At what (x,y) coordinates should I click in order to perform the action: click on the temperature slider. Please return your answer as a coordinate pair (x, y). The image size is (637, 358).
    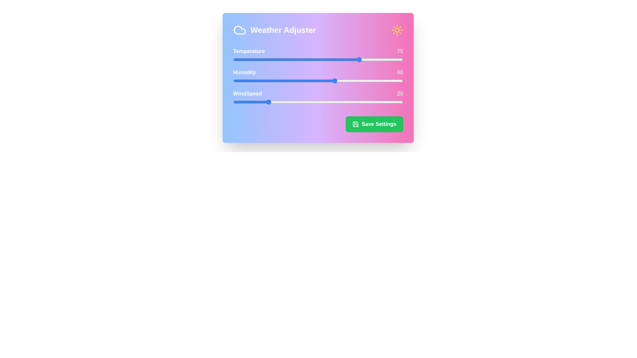
    Looking at the image, I should click on (241, 60).